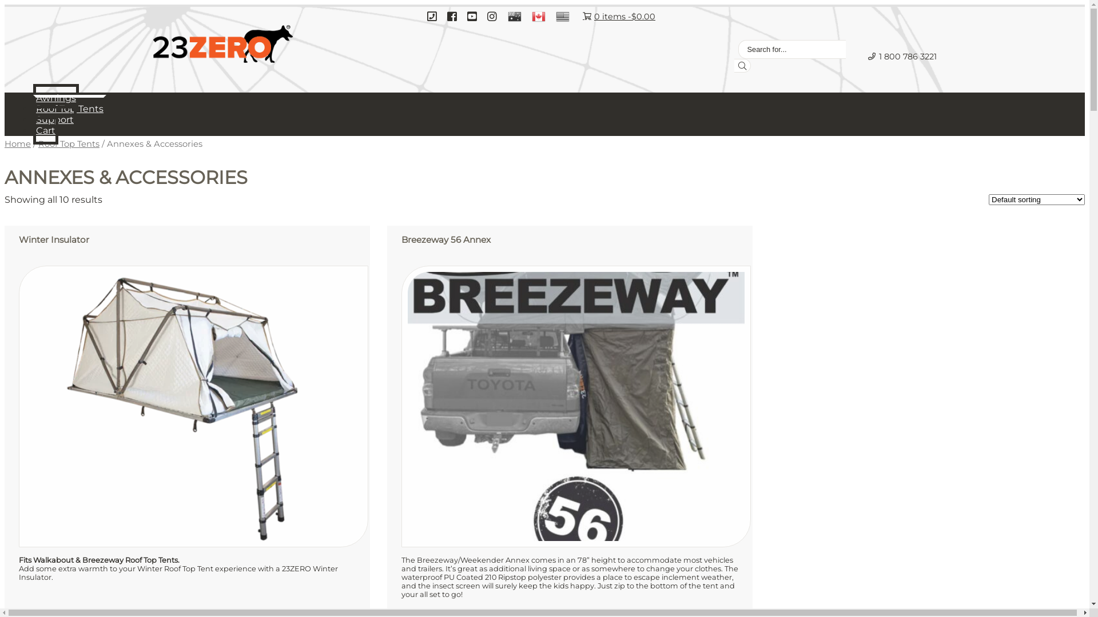 This screenshot has height=617, width=1098. What do you see at coordinates (5, 143) in the screenshot?
I see `'Home'` at bounding box center [5, 143].